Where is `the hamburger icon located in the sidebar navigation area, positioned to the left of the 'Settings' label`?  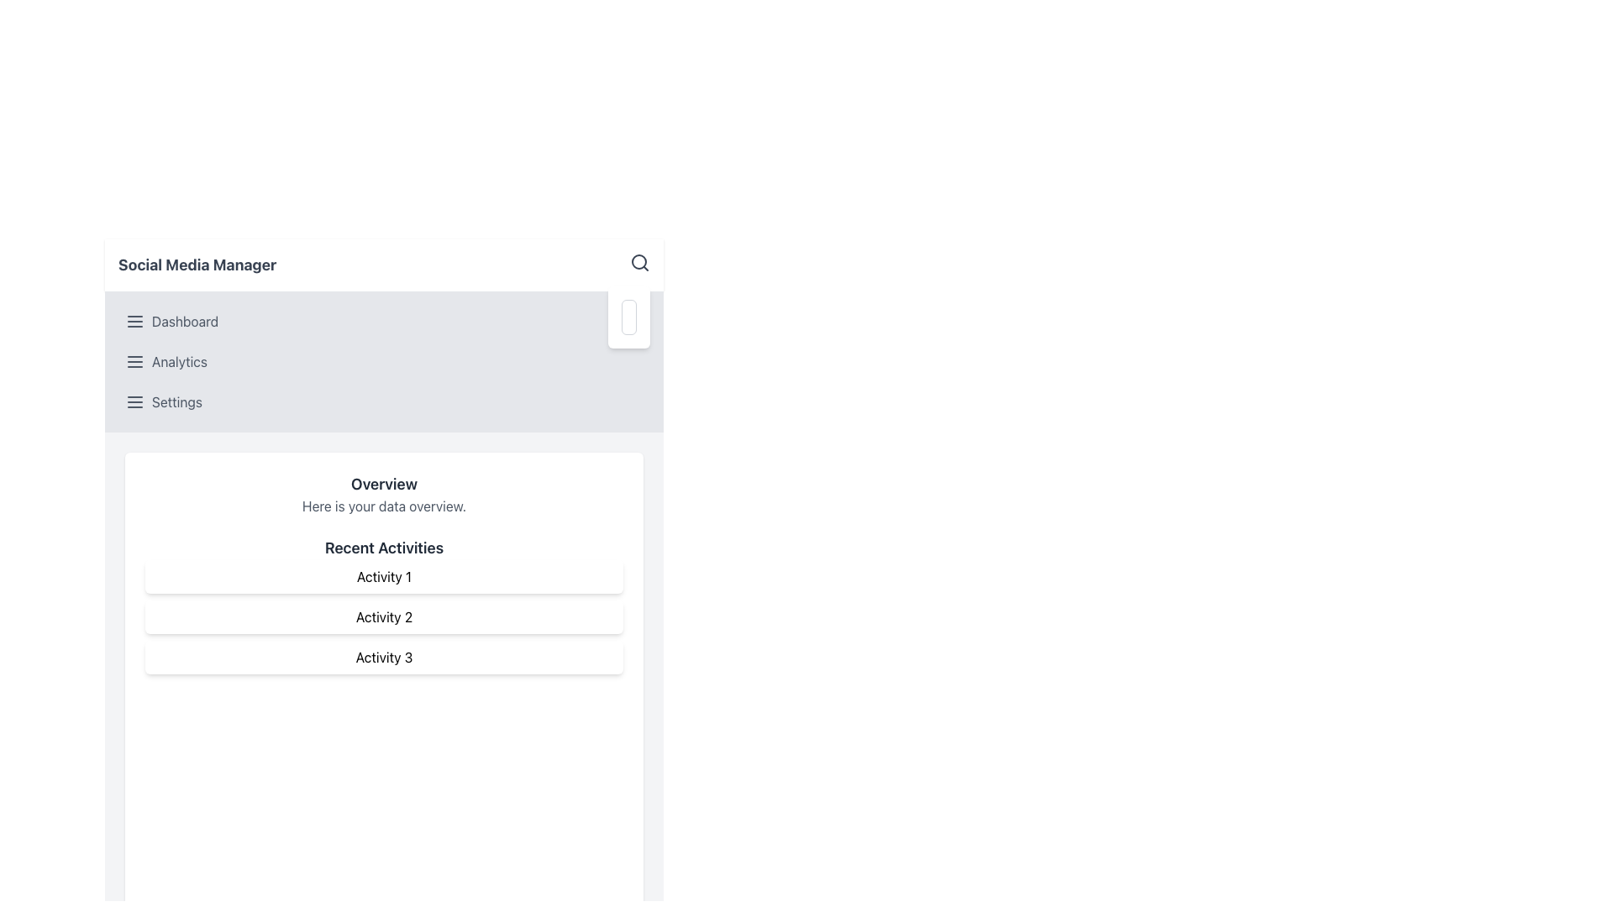 the hamburger icon located in the sidebar navigation area, positioned to the left of the 'Settings' label is located at coordinates (135, 401).